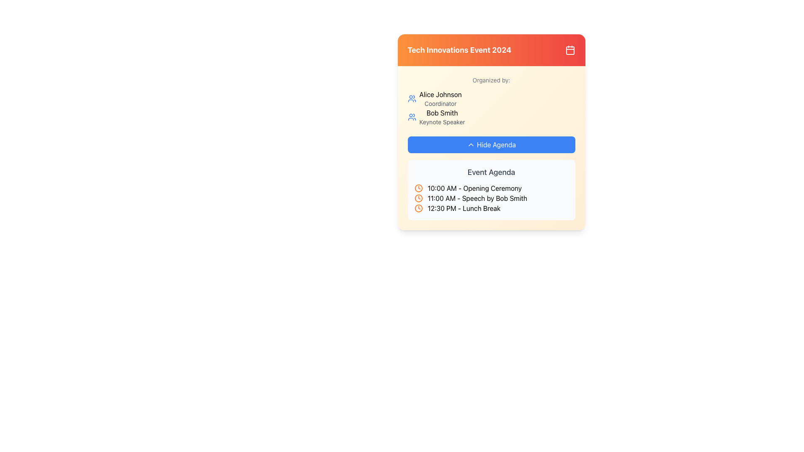 This screenshot has height=452, width=804. I want to click on the upward chevron icon located to the left of the 'Hide Agenda' text in the blue rectangular button, so click(471, 144).